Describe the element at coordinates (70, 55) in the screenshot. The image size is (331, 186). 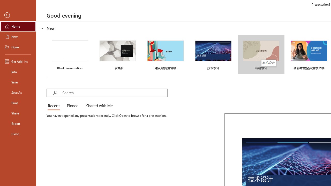
I see `'Blank Presentation'` at that location.